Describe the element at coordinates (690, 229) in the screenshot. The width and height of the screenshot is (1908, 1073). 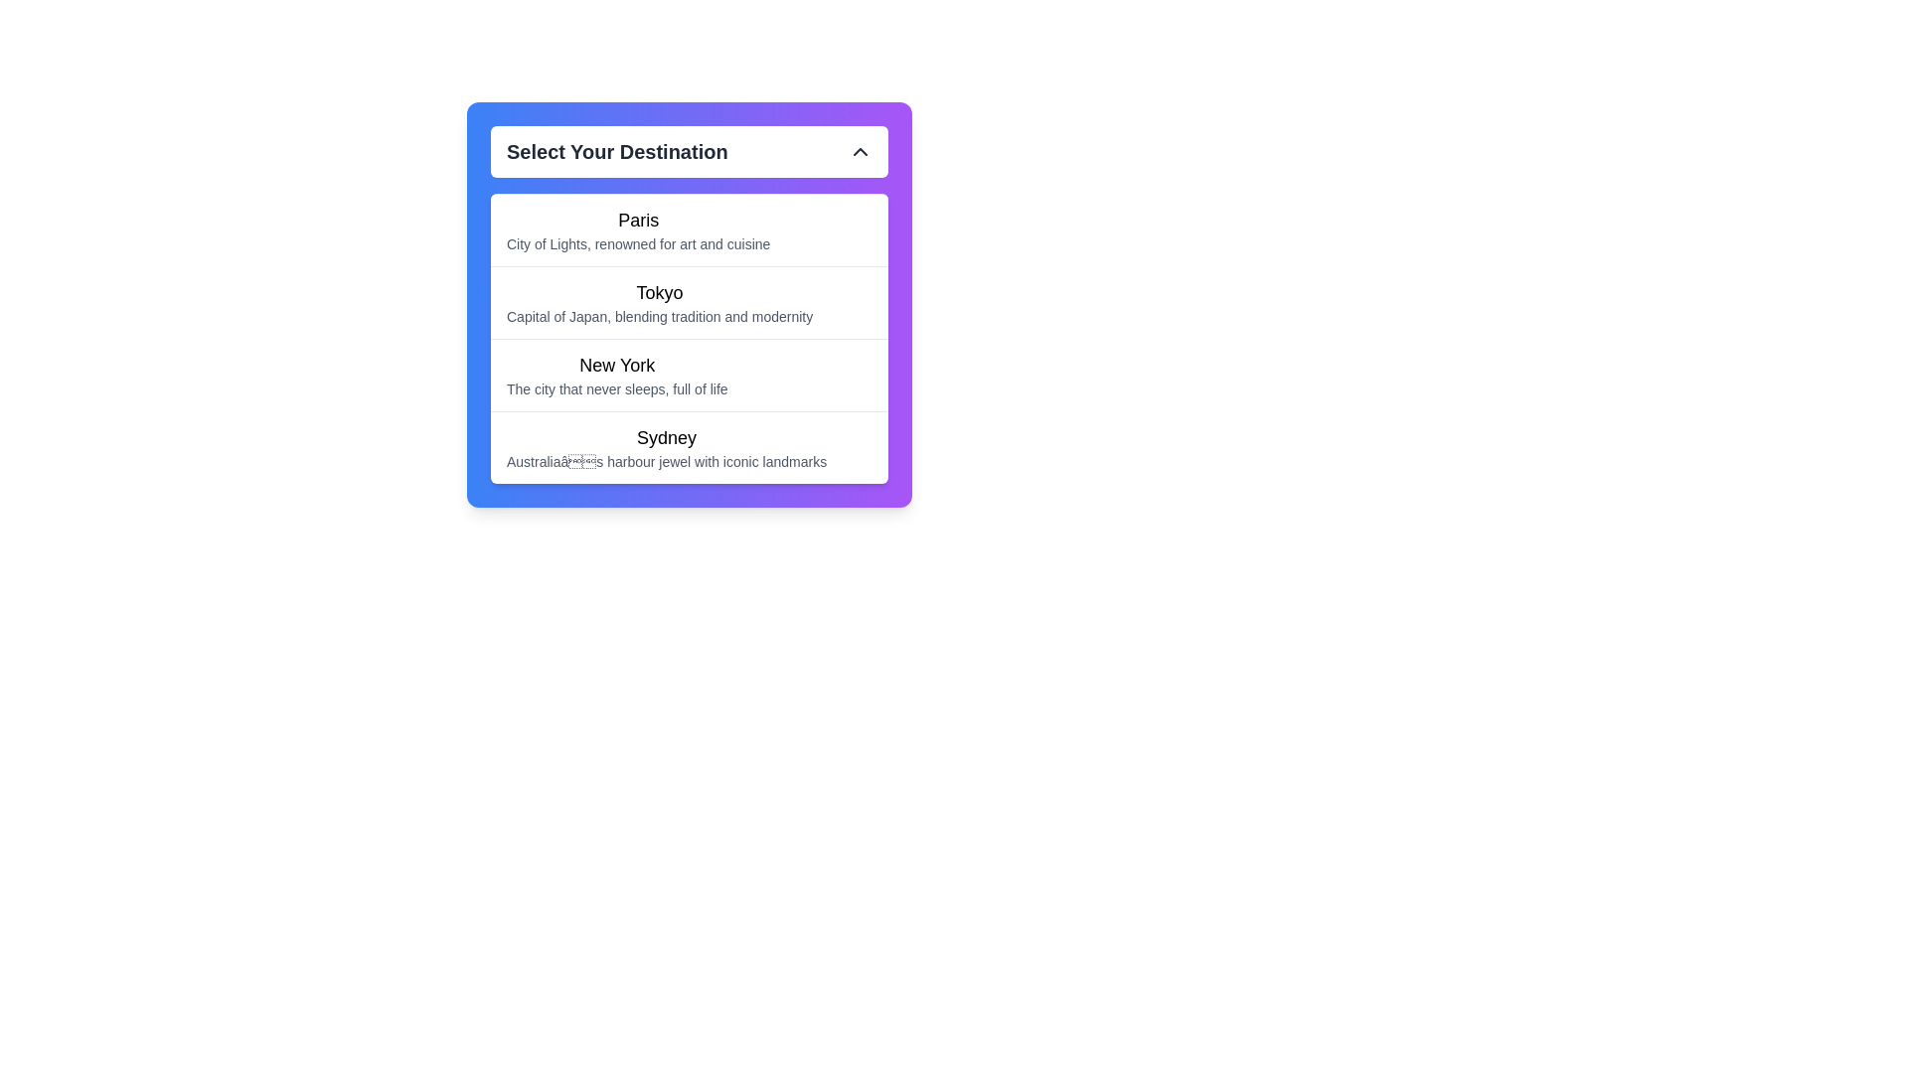
I see `the text block displaying 'Paris' which is the first row in the selectable list under the header 'Select Your Destination.'` at that location.